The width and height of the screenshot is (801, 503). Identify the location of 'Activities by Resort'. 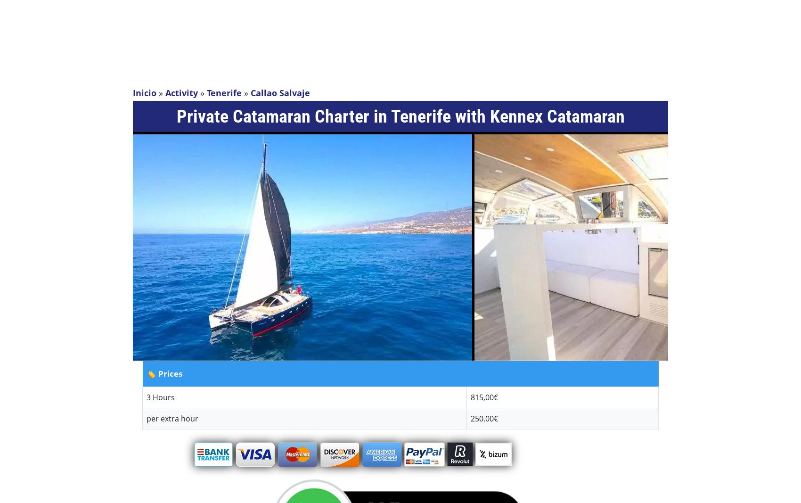
(409, 67).